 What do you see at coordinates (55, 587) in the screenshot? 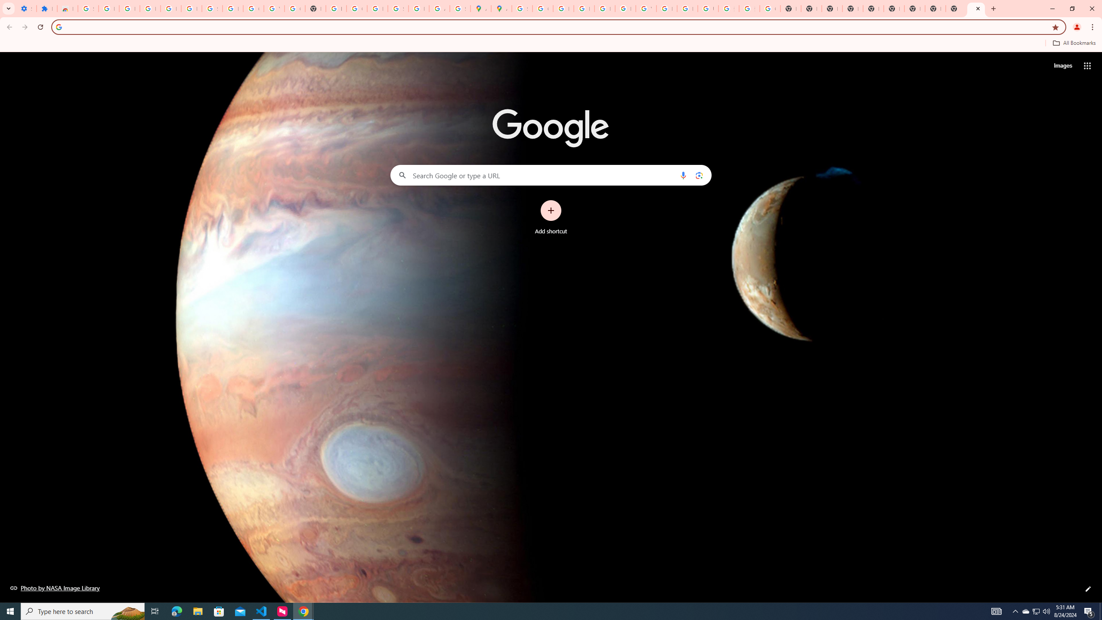
I see `'Photo by NASA Image Library'` at bounding box center [55, 587].